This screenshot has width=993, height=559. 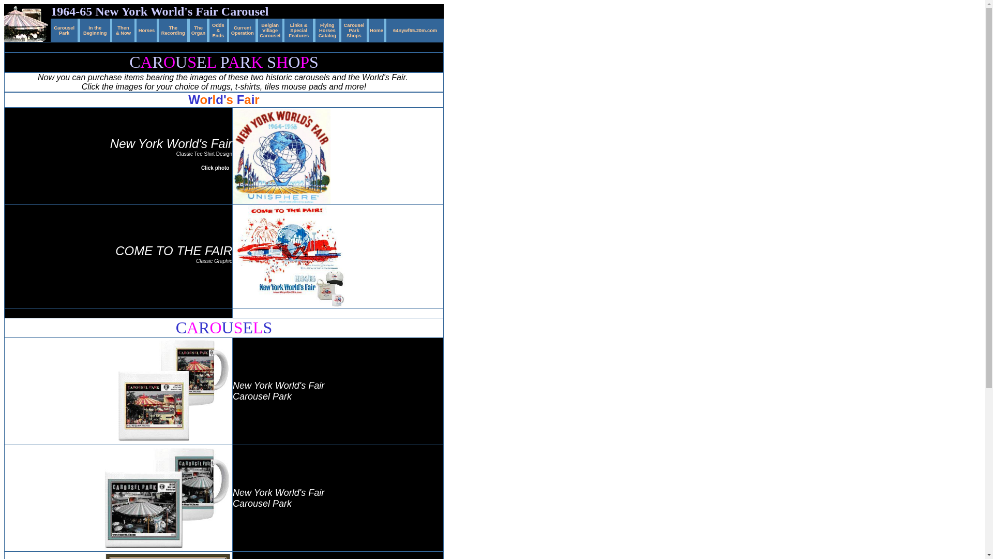 What do you see at coordinates (95, 28) in the screenshot?
I see `'In the Beginning'` at bounding box center [95, 28].